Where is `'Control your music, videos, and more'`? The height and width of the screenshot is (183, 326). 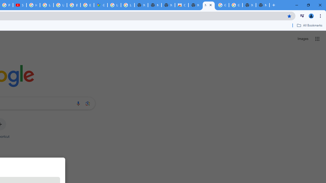 'Control your music, videos, and more' is located at coordinates (302, 16).